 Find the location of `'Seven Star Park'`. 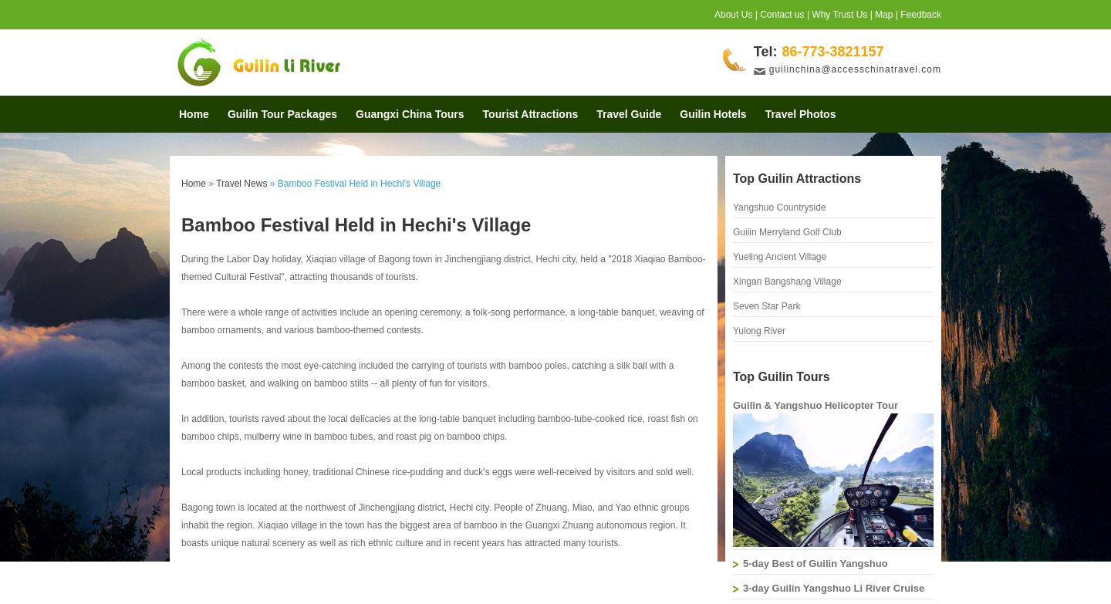

'Seven Star Park' is located at coordinates (765, 305).